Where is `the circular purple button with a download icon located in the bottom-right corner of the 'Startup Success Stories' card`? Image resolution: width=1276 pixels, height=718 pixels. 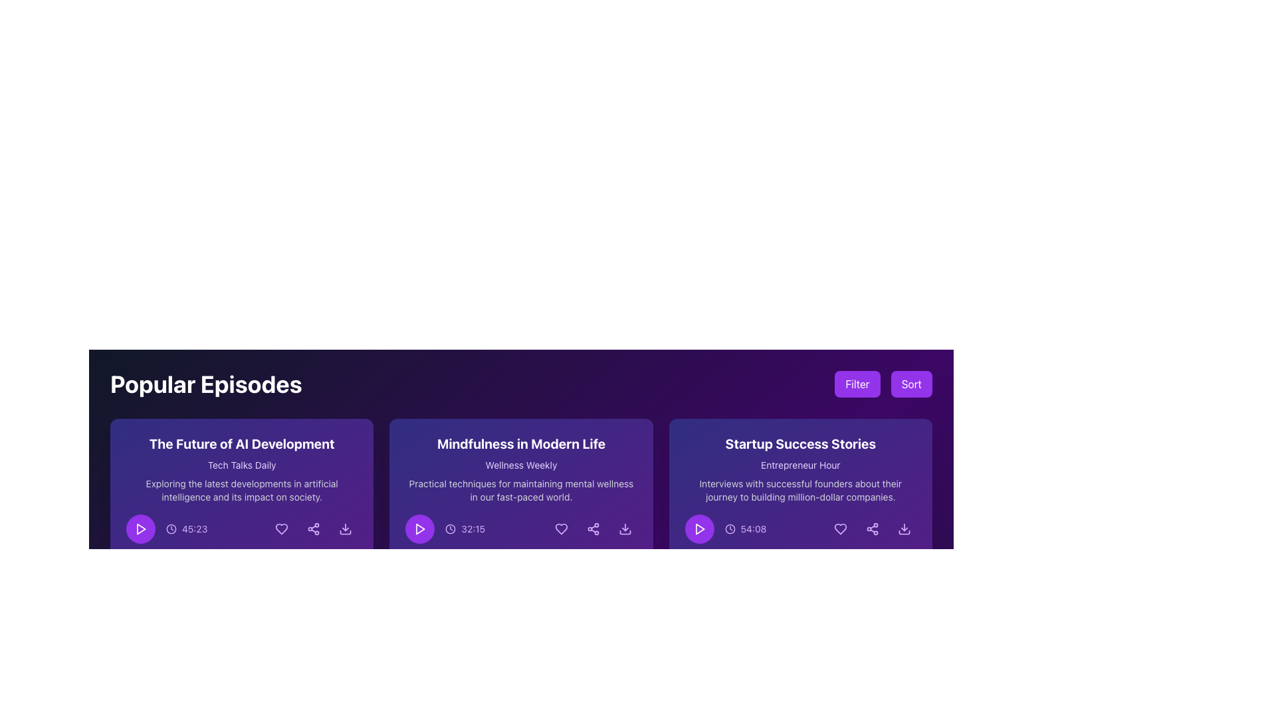
the circular purple button with a download icon located in the bottom-right corner of the 'Startup Success Stories' card is located at coordinates (904, 528).